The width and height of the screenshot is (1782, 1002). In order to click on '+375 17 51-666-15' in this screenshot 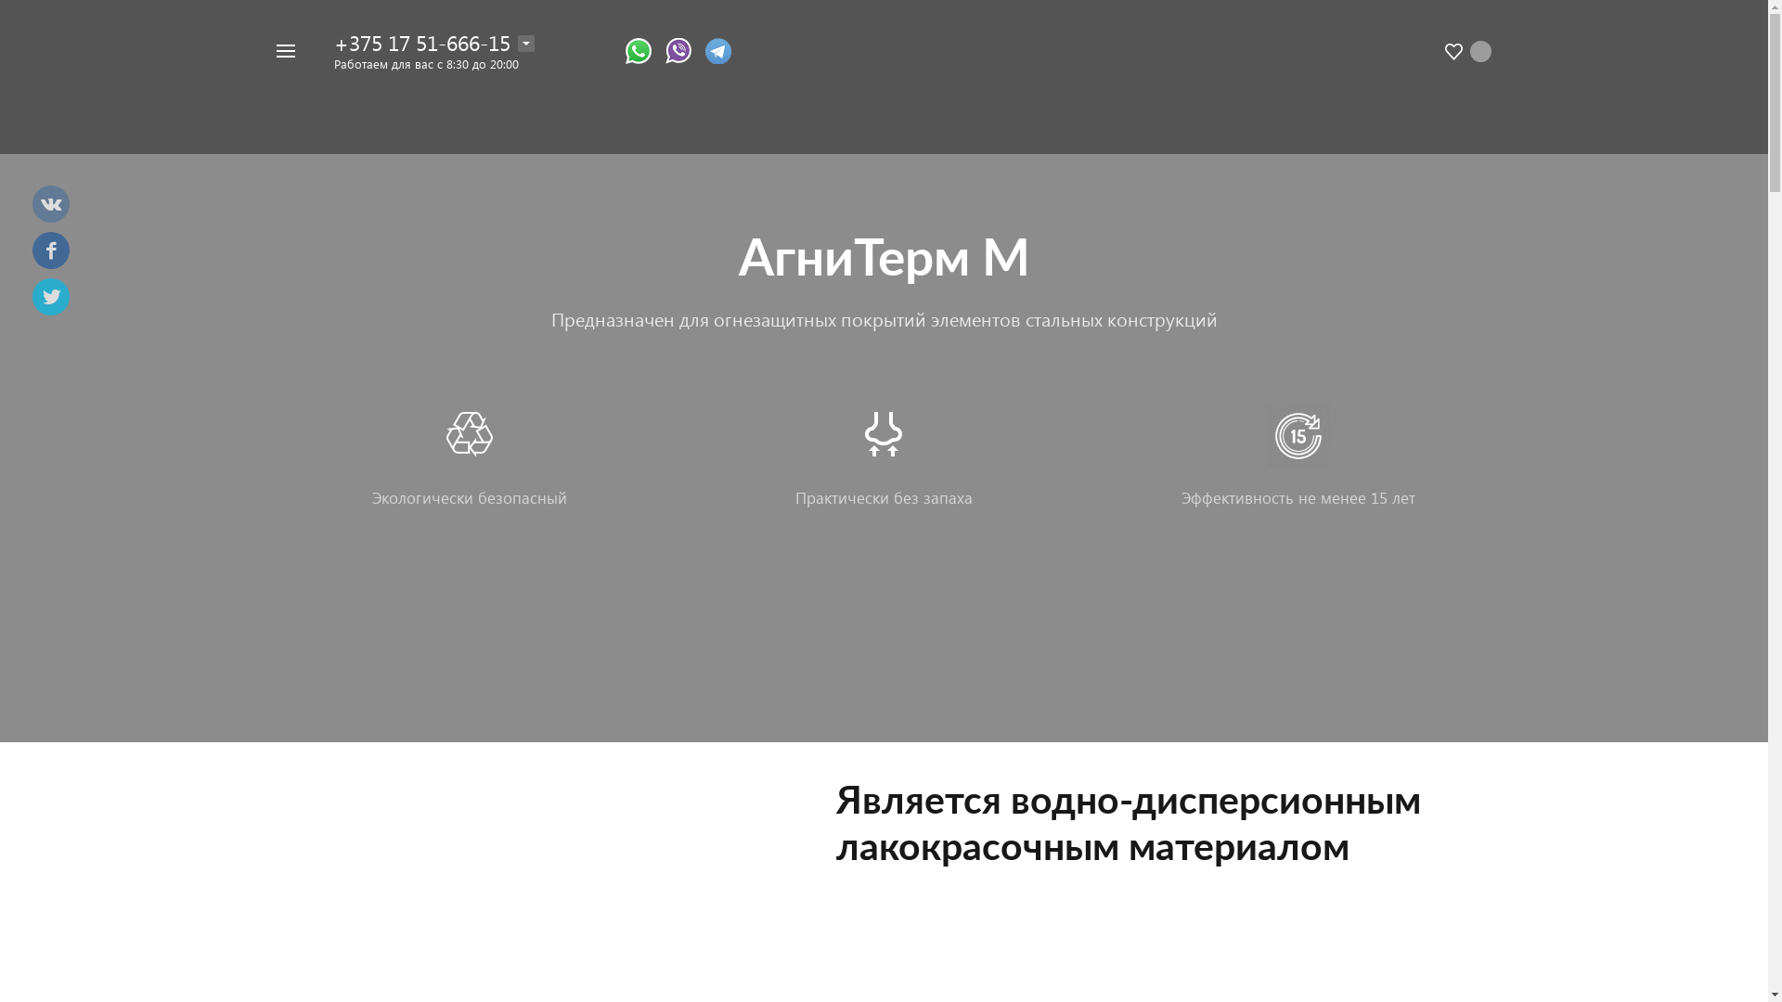, I will do `click(421, 42)`.